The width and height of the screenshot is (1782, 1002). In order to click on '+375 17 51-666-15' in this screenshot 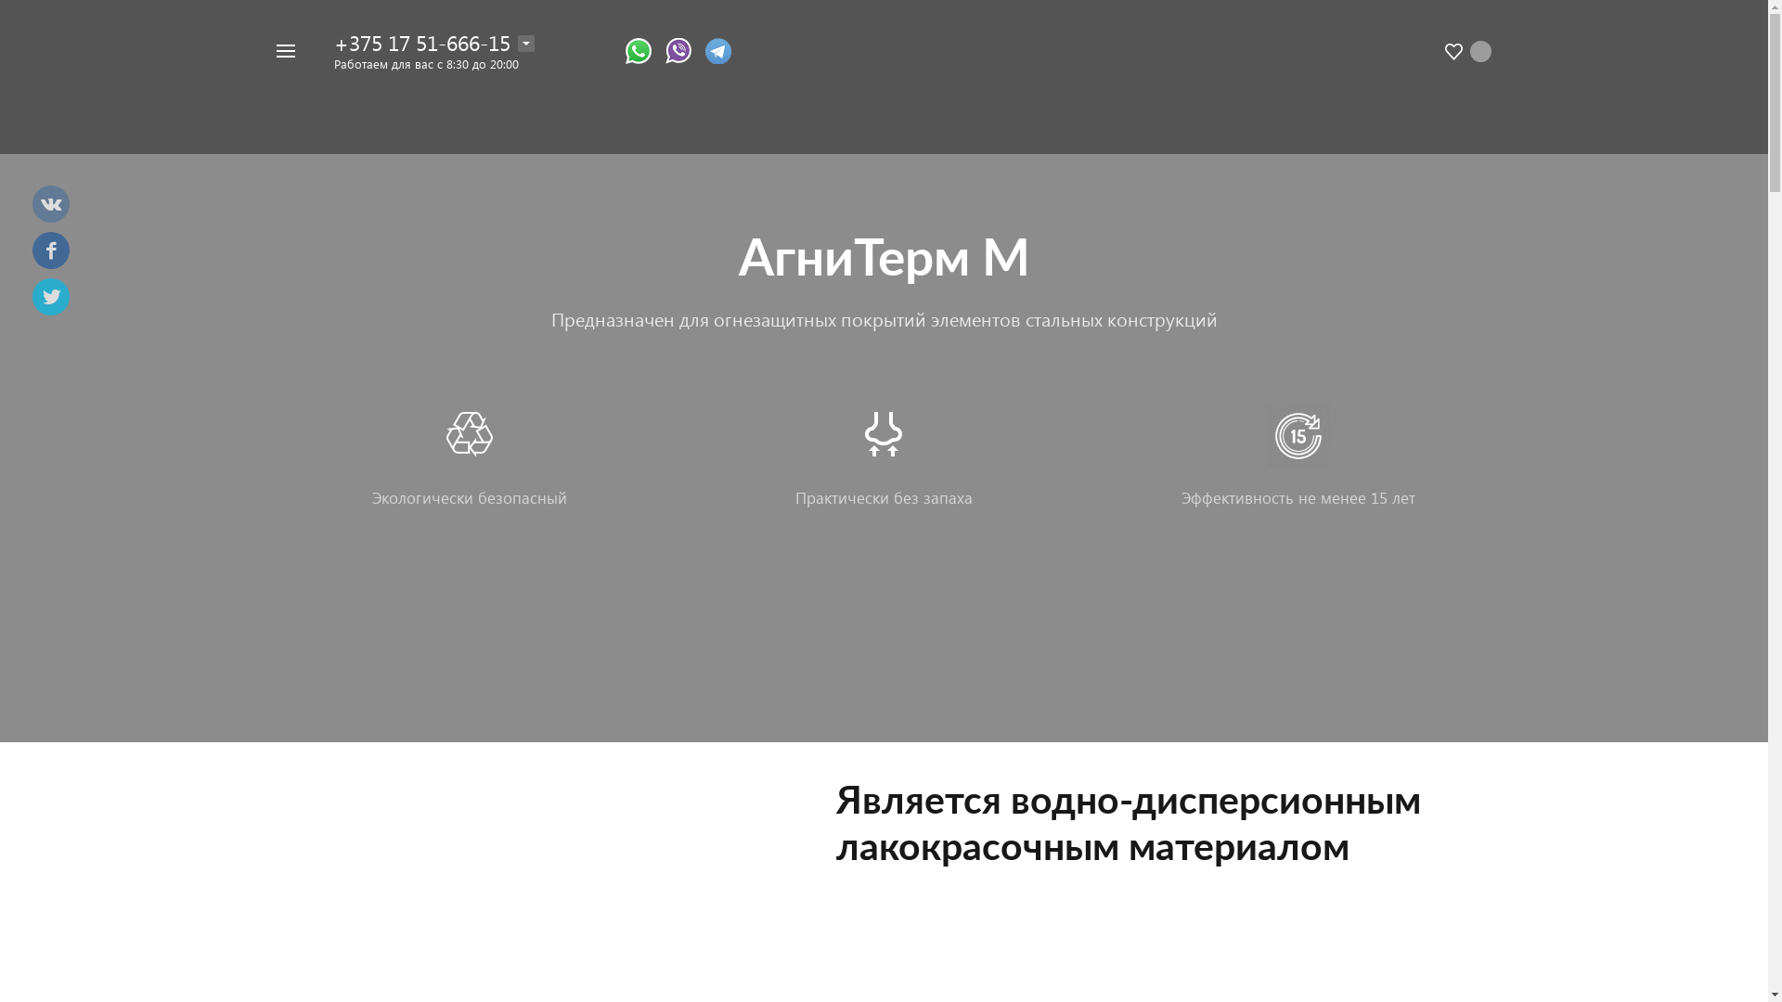, I will do `click(421, 42)`.